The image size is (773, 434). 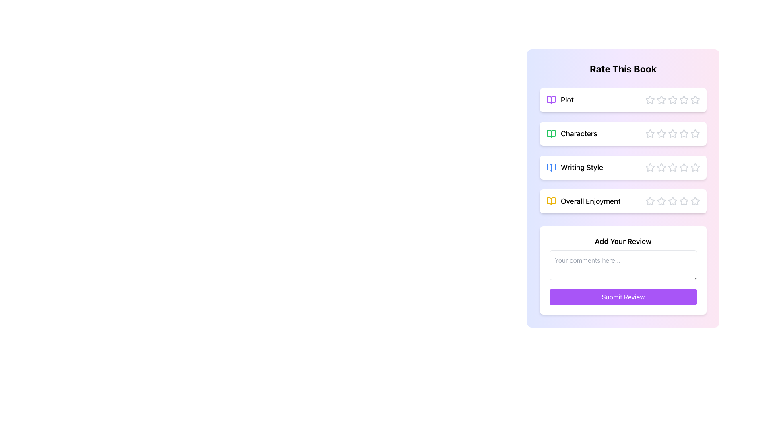 What do you see at coordinates (650, 133) in the screenshot?
I see `the first star in the horizontal row of five stars for rating in the 'Characters' category` at bounding box center [650, 133].